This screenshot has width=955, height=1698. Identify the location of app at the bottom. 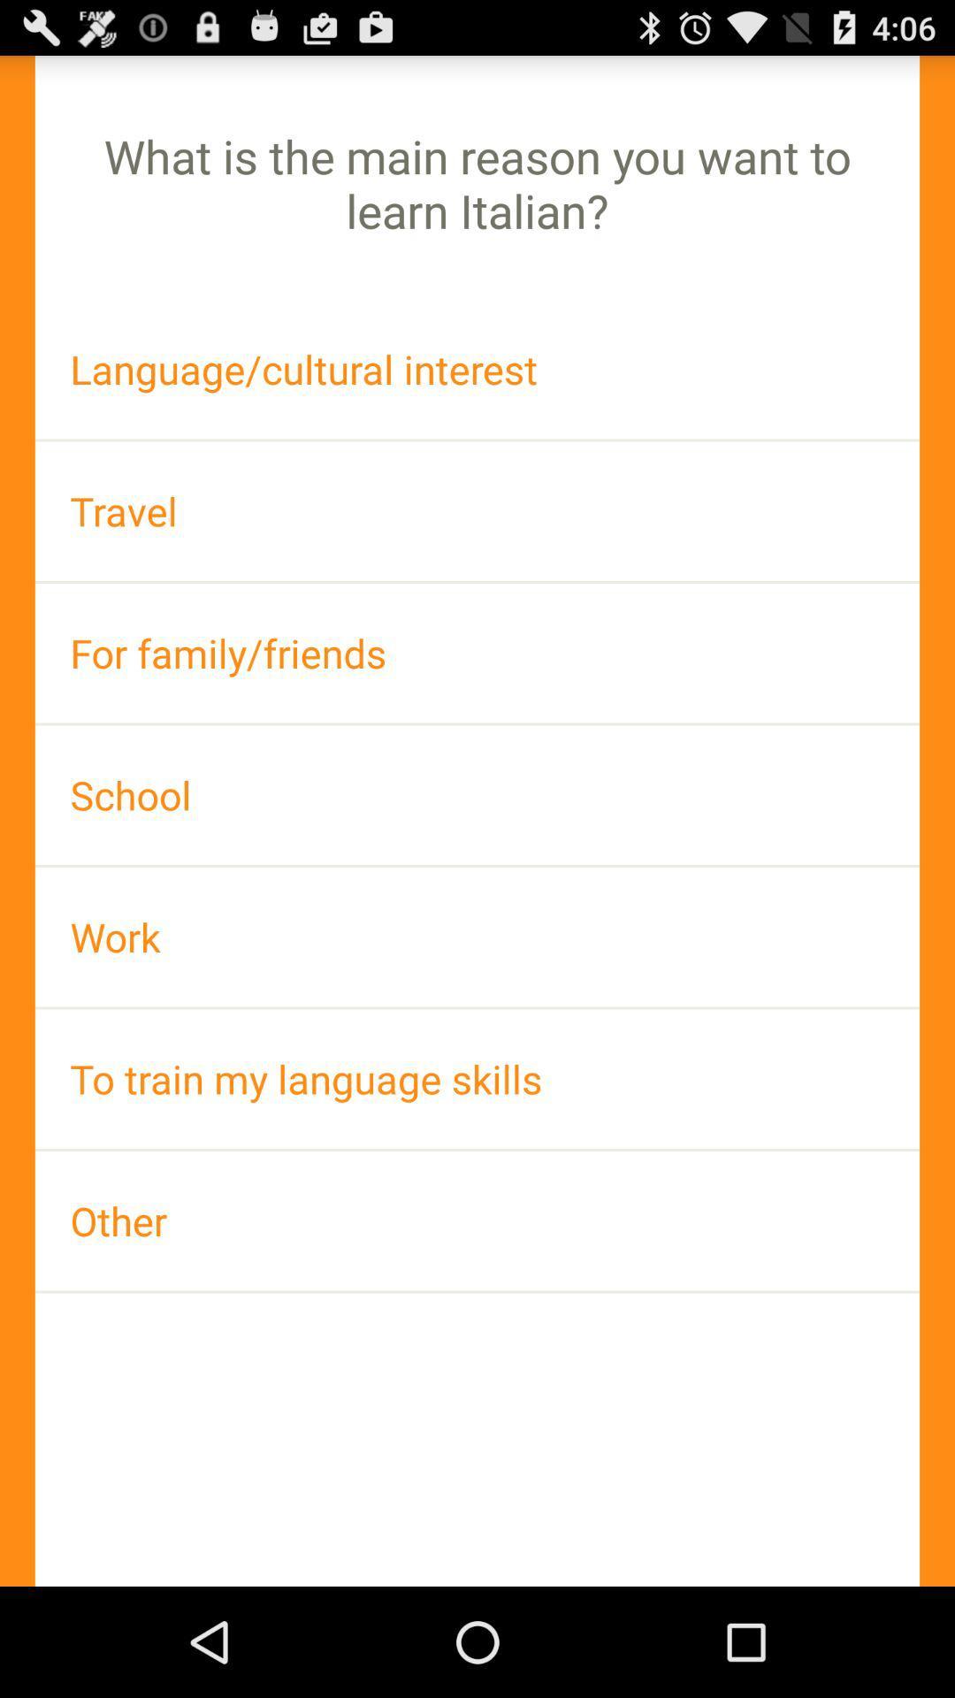
(477, 1220).